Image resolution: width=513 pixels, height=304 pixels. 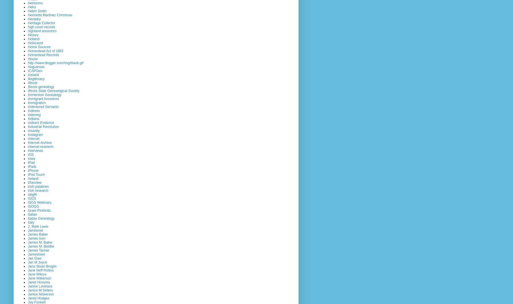 I want to click on 'Internet', so click(x=33, y=138).